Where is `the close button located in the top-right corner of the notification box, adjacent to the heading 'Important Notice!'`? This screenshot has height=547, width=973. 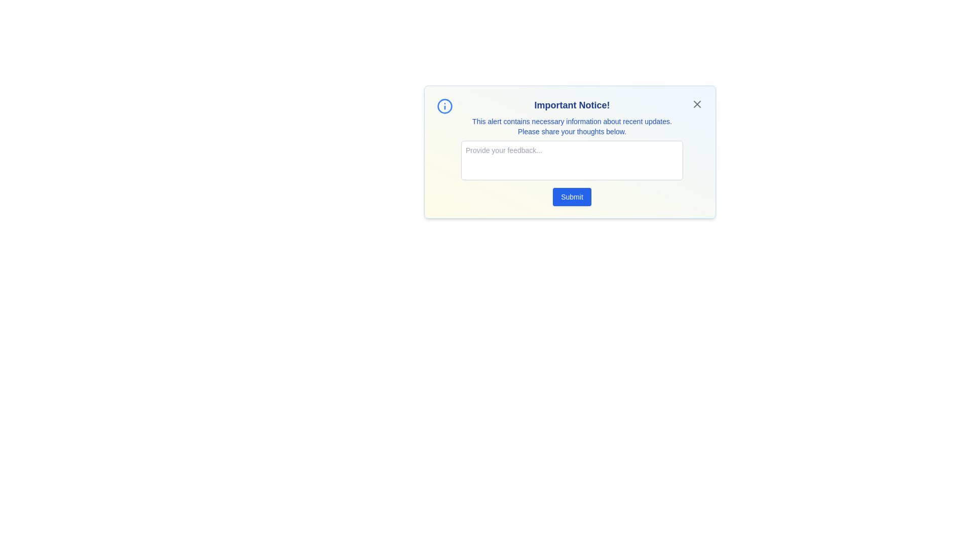
the close button located in the top-right corner of the notification box, adjacent to the heading 'Important Notice!' is located at coordinates (697, 104).